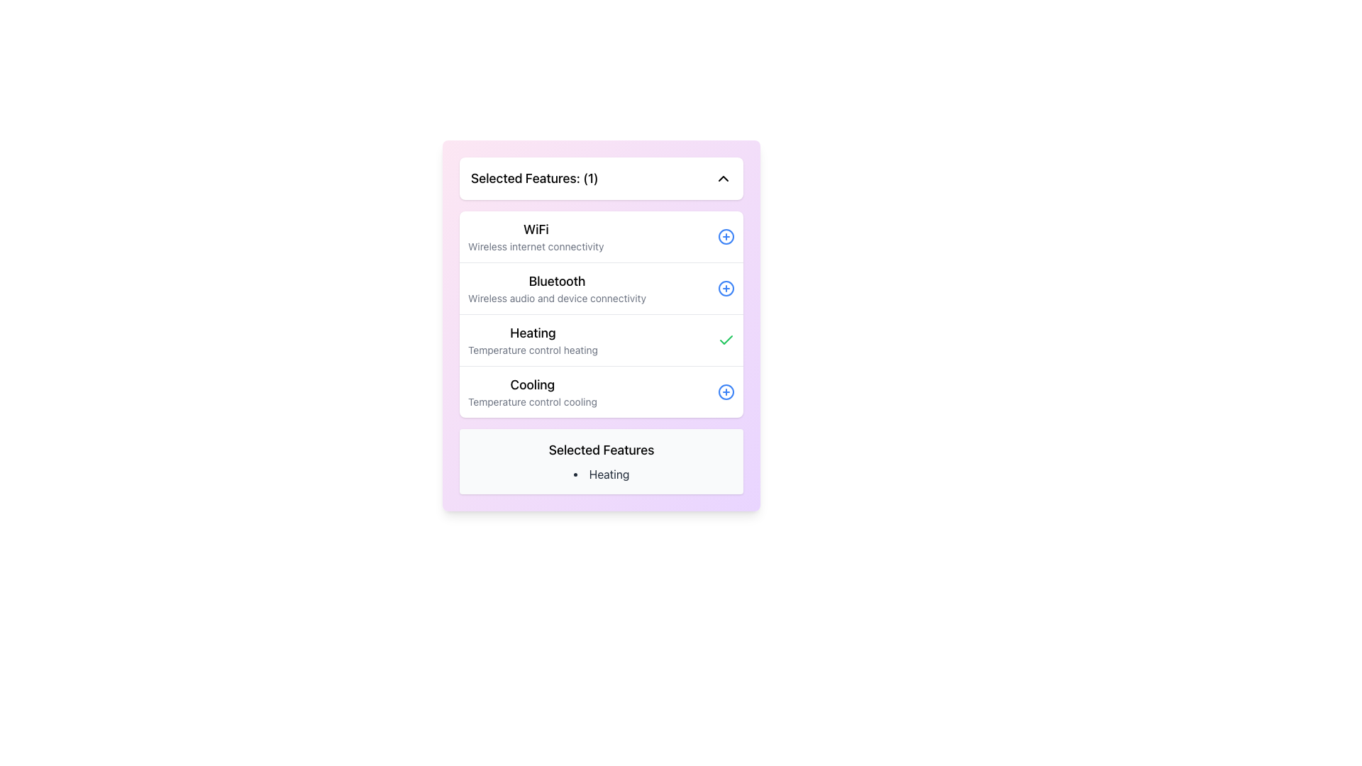  Describe the element at coordinates (602, 340) in the screenshot. I see `the third item in the vertically aligned list of features, labeled 'Heating'` at that location.